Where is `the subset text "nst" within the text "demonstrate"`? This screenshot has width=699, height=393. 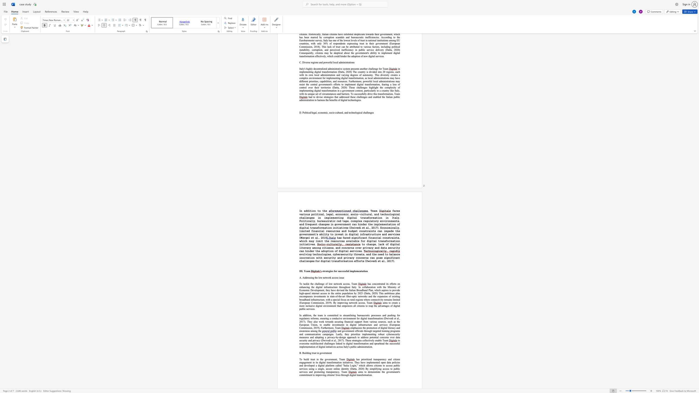
the subset text "nst" within the text "demonstrate" is located at coordinates (373, 372).